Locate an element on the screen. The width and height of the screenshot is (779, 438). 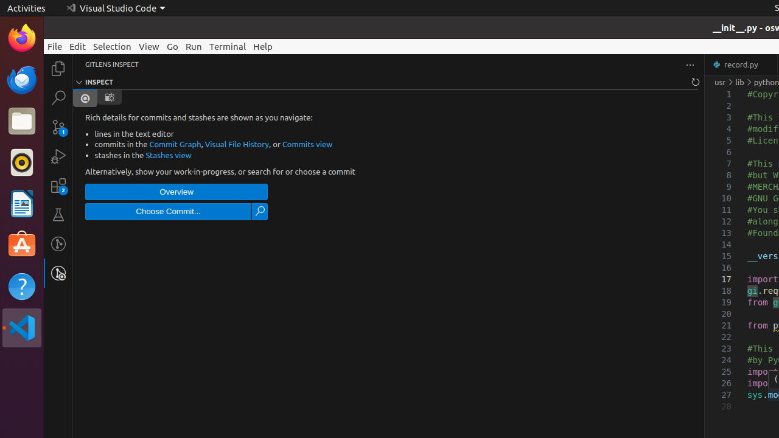
'Explorer (Ctrl+Shift+E)' is located at coordinates (58, 68).